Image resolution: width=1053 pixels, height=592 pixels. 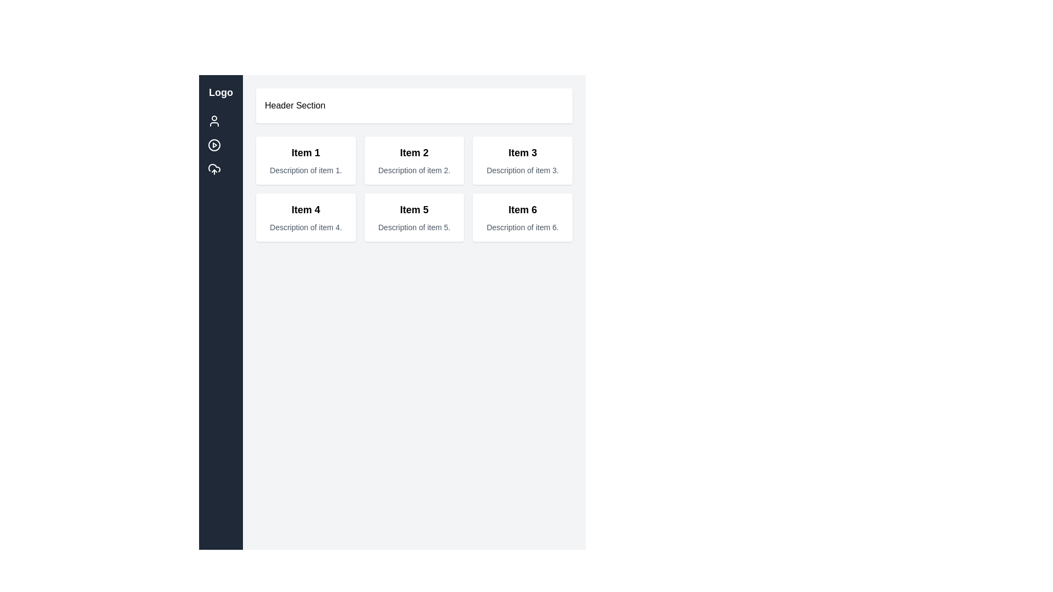 What do you see at coordinates (414, 218) in the screenshot?
I see `the card located in the second row and second column of the grid, adjacent` at bounding box center [414, 218].